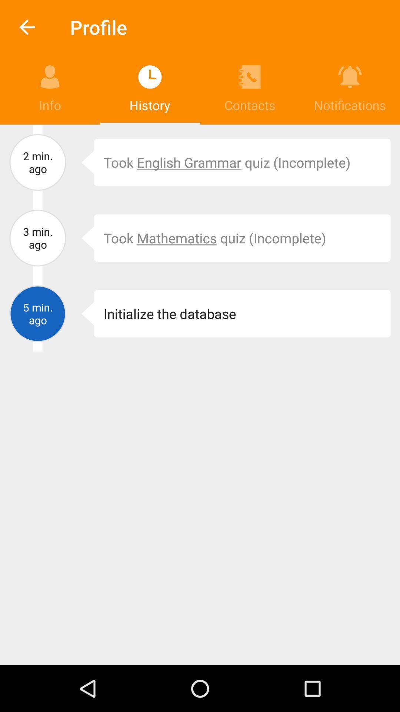 The image size is (400, 712). What do you see at coordinates (82, 238) in the screenshot?
I see `the app to the left of took mathematics quiz icon` at bounding box center [82, 238].